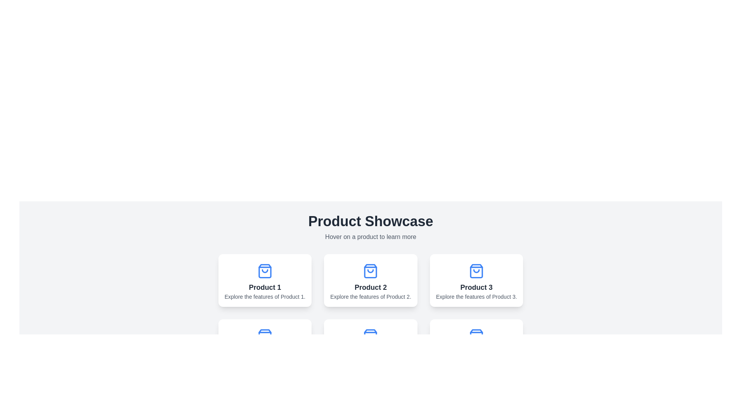  What do you see at coordinates (370, 270) in the screenshot?
I see `the shopping bag handle element located in the center of the blue shopping bag icon within the card titled 'Product 2' on the second row of cards in the 'Product Showcase' section` at bounding box center [370, 270].